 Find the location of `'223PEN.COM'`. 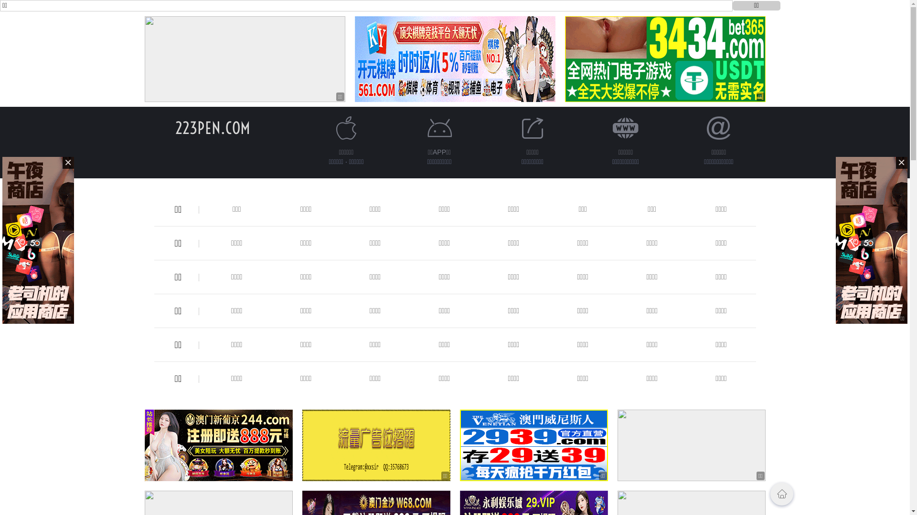

'223PEN.COM' is located at coordinates (212, 127).